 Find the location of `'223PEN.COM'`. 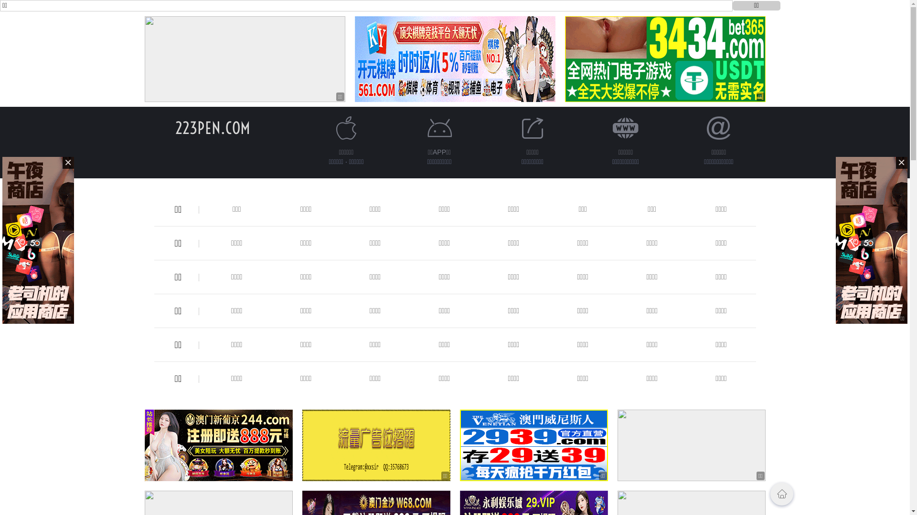

'223PEN.COM' is located at coordinates (212, 127).